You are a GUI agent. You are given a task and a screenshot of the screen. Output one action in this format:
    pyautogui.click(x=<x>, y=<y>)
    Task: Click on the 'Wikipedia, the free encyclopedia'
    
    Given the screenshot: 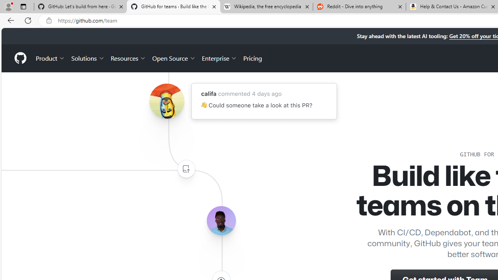 What is the action you would take?
    pyautogui.click(x=266, y=7)
    